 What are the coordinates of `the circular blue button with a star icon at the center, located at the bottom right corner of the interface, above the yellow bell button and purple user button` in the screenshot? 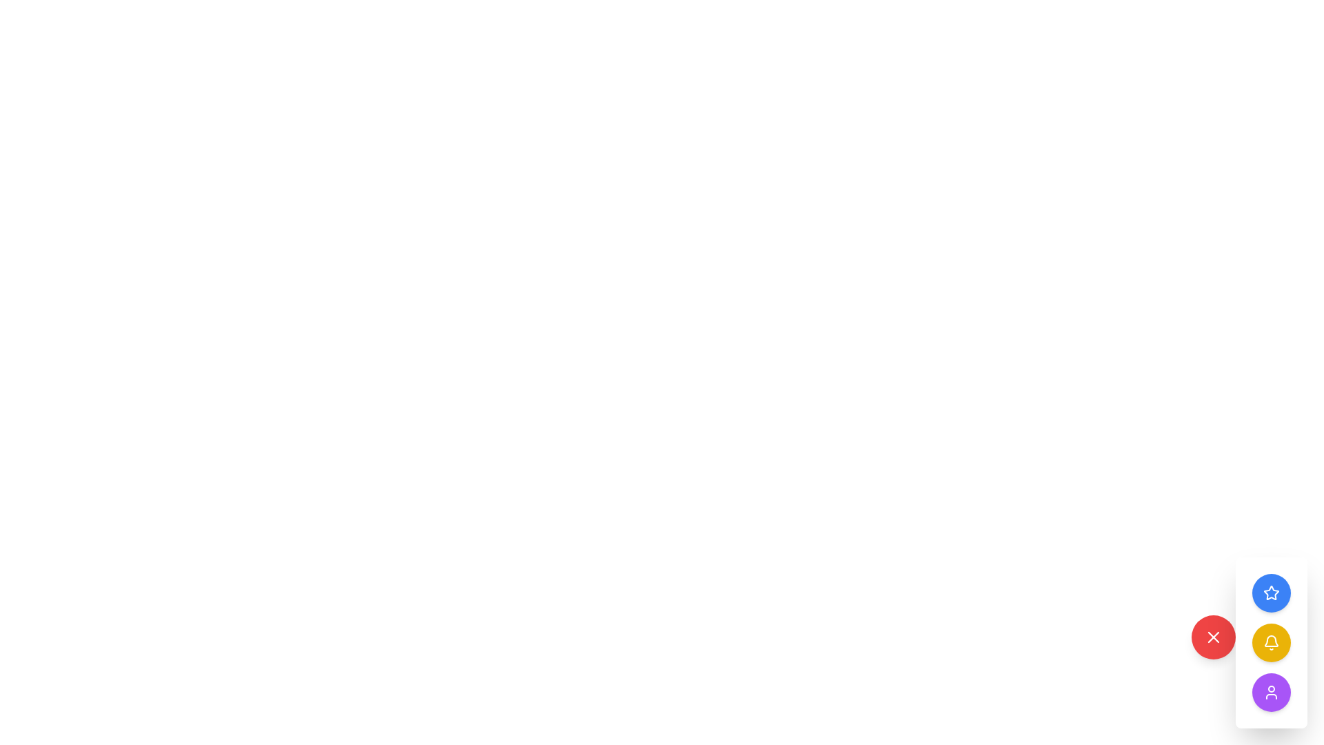 It's located at (1270, 593).